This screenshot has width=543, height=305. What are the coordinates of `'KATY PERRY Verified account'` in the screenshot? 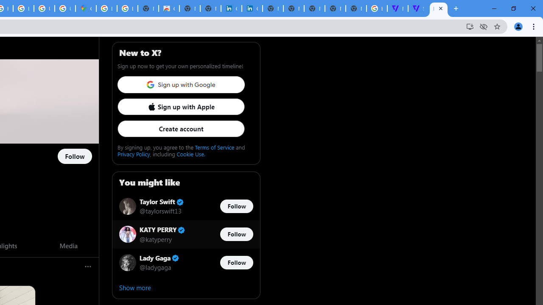 It's located at (162, 230).